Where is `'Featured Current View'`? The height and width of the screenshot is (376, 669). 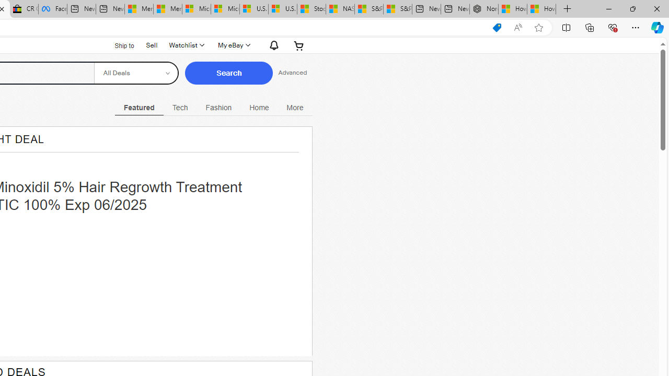 'Featured Current View' is located at coordinates (139, 107).